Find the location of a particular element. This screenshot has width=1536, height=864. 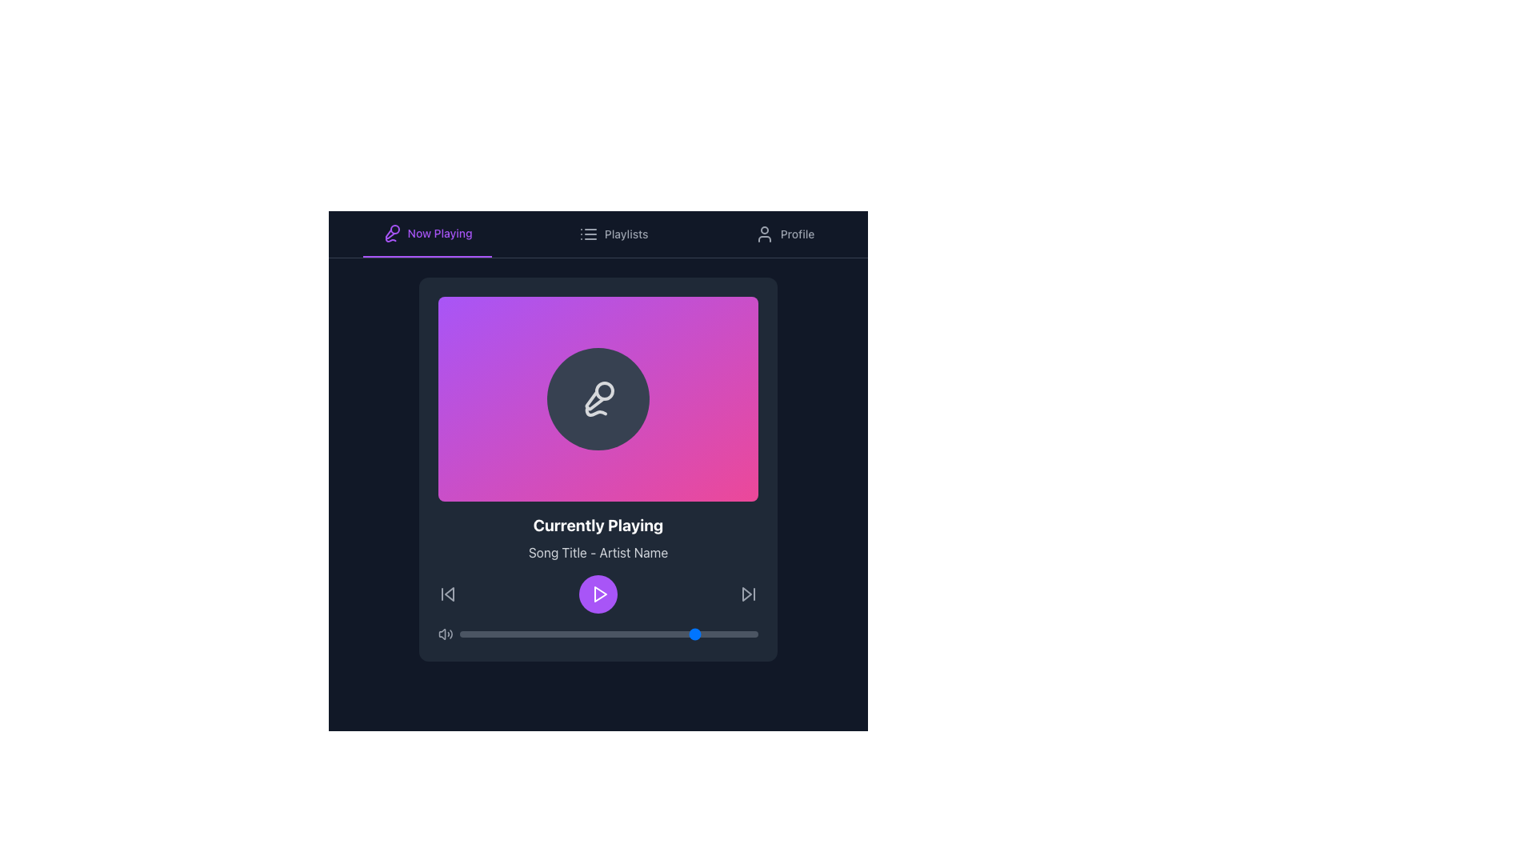

the 'Profile' label, which is part of a navigation button alongside a user profile icon, by clicking on it is located at coordinates (798, 234).